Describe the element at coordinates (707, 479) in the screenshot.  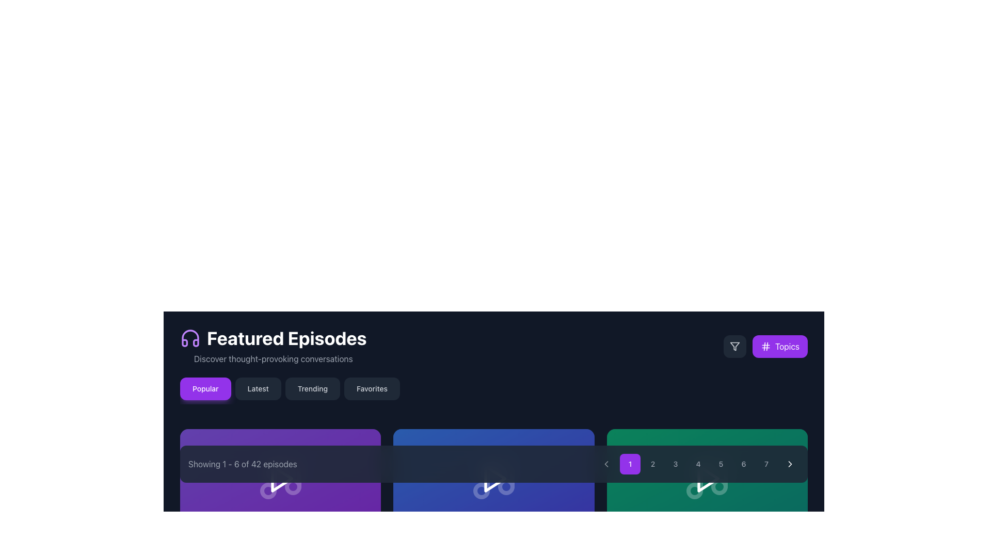
I see `the play button, represented by a triangle icon, located in the middle of the fourth green card in the pagination bar` at that location.